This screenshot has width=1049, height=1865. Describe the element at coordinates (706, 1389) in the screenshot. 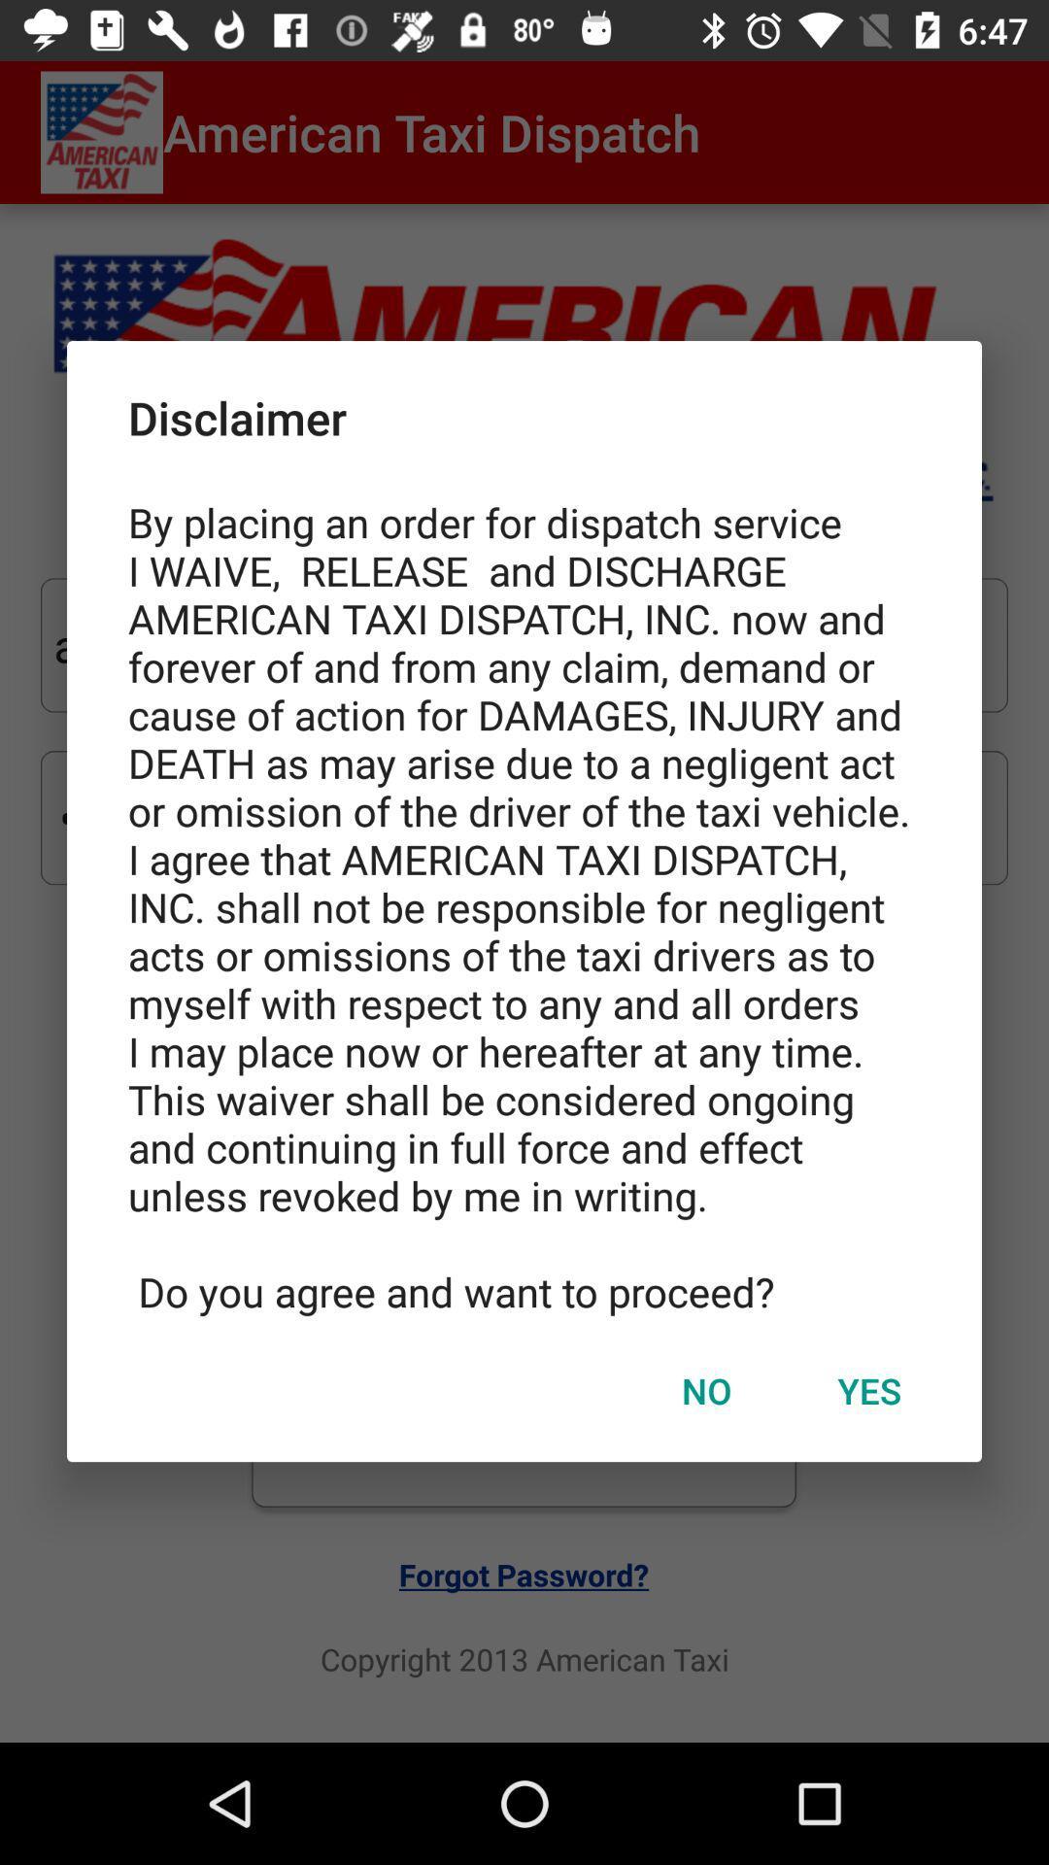

I see `no item` at that location.